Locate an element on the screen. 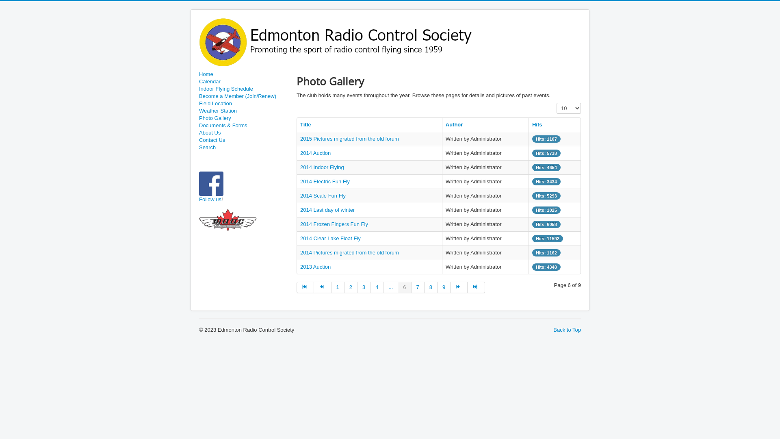 This screenshot has width=780, height=439. ' ' is located at coordinates (224, 199).